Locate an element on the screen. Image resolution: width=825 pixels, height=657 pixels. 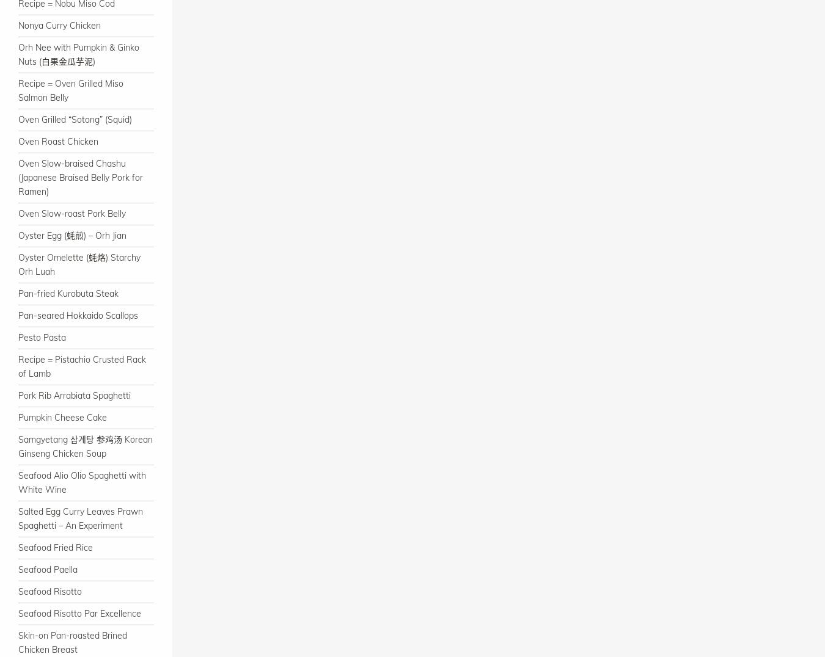
'Skin-on Pan-roasted Brined Chicken Breast' is located at coordinates (72, 642).